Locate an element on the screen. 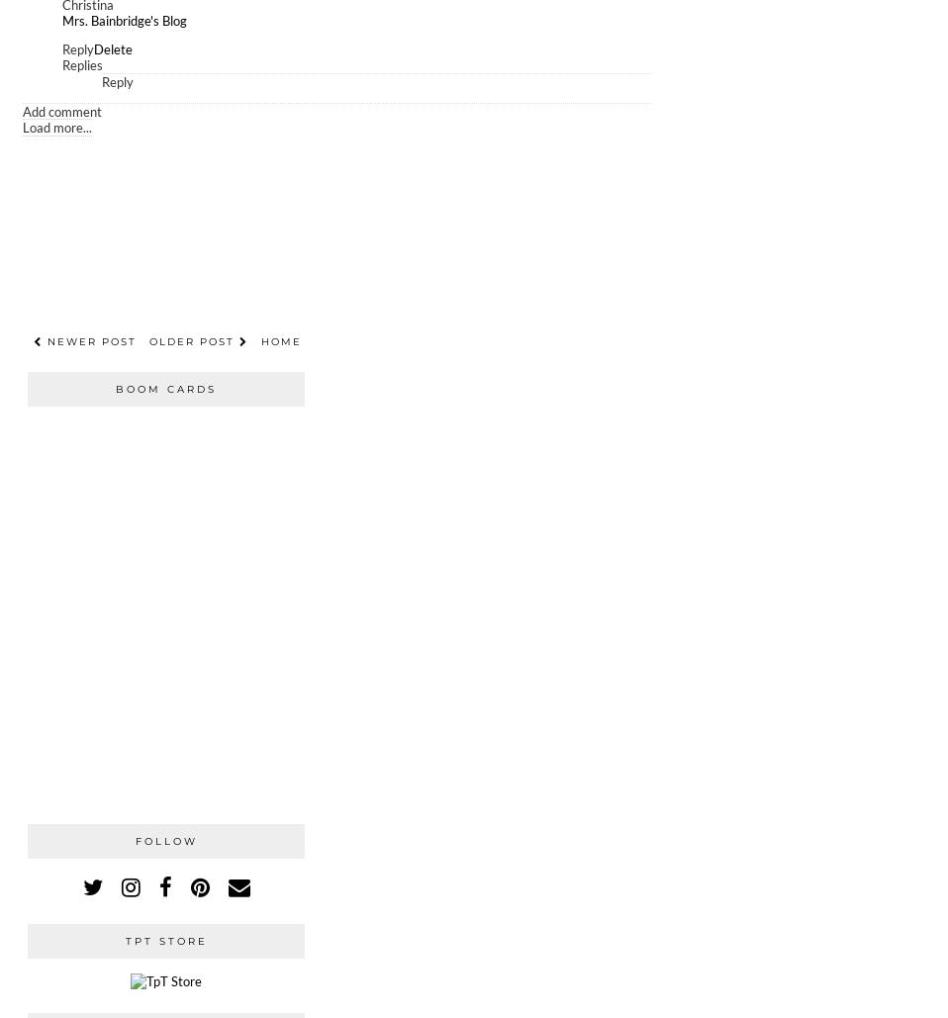 The width and height of the screenshot is (948, 1018). 'Delete' is located at coordinates (113, 49).